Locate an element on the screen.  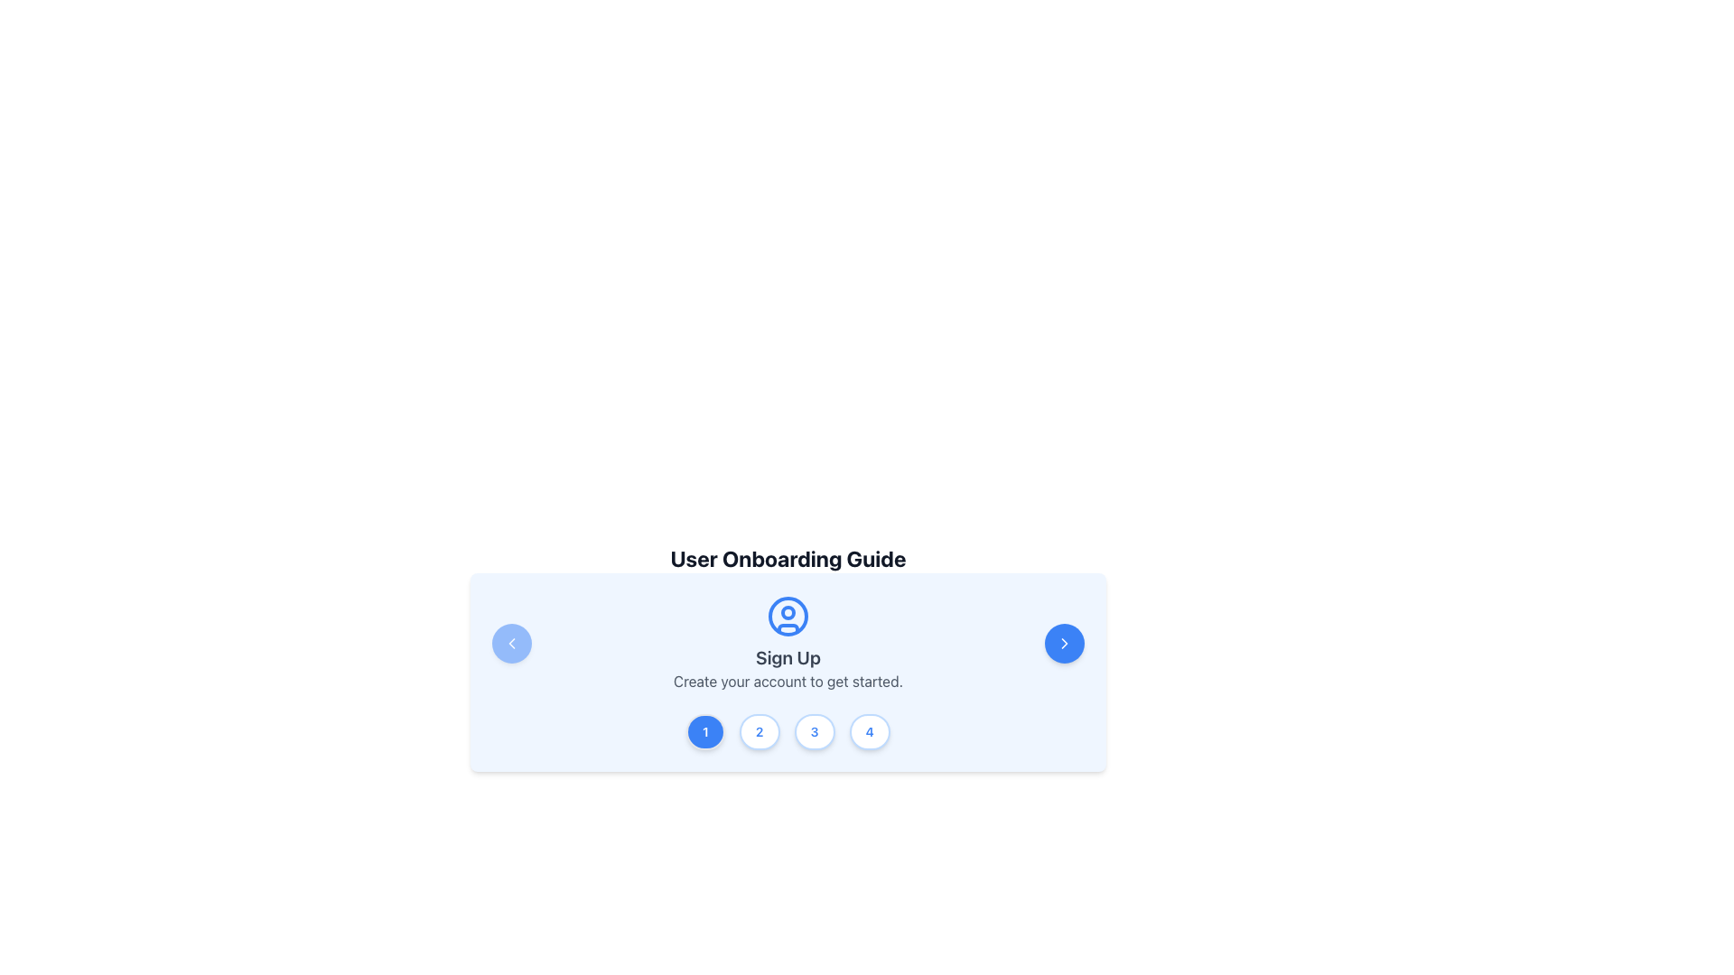
the second step indicator button in the User Onboarding Guide is located at coordinates (760, 731).